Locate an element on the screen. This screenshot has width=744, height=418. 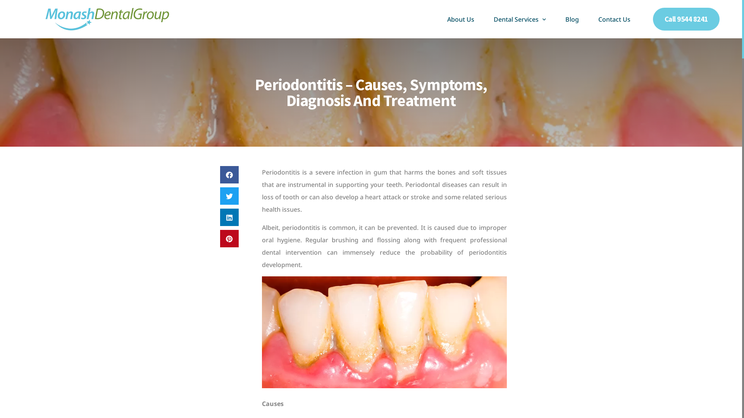
'Contact Us' is located at coordinates (590, 19).